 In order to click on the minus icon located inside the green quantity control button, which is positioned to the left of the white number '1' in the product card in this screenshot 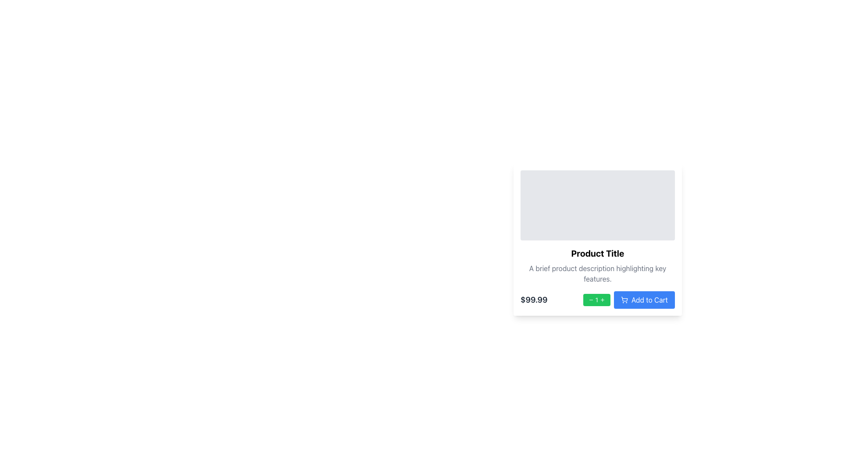, I will do `click(591, 300)`.